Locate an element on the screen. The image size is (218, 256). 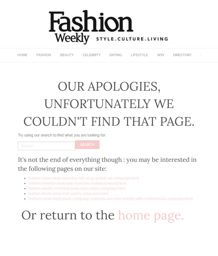
'It's not the end of everything though : you may be interested in the following pages on our site:' is located at coordinates (107, 164).